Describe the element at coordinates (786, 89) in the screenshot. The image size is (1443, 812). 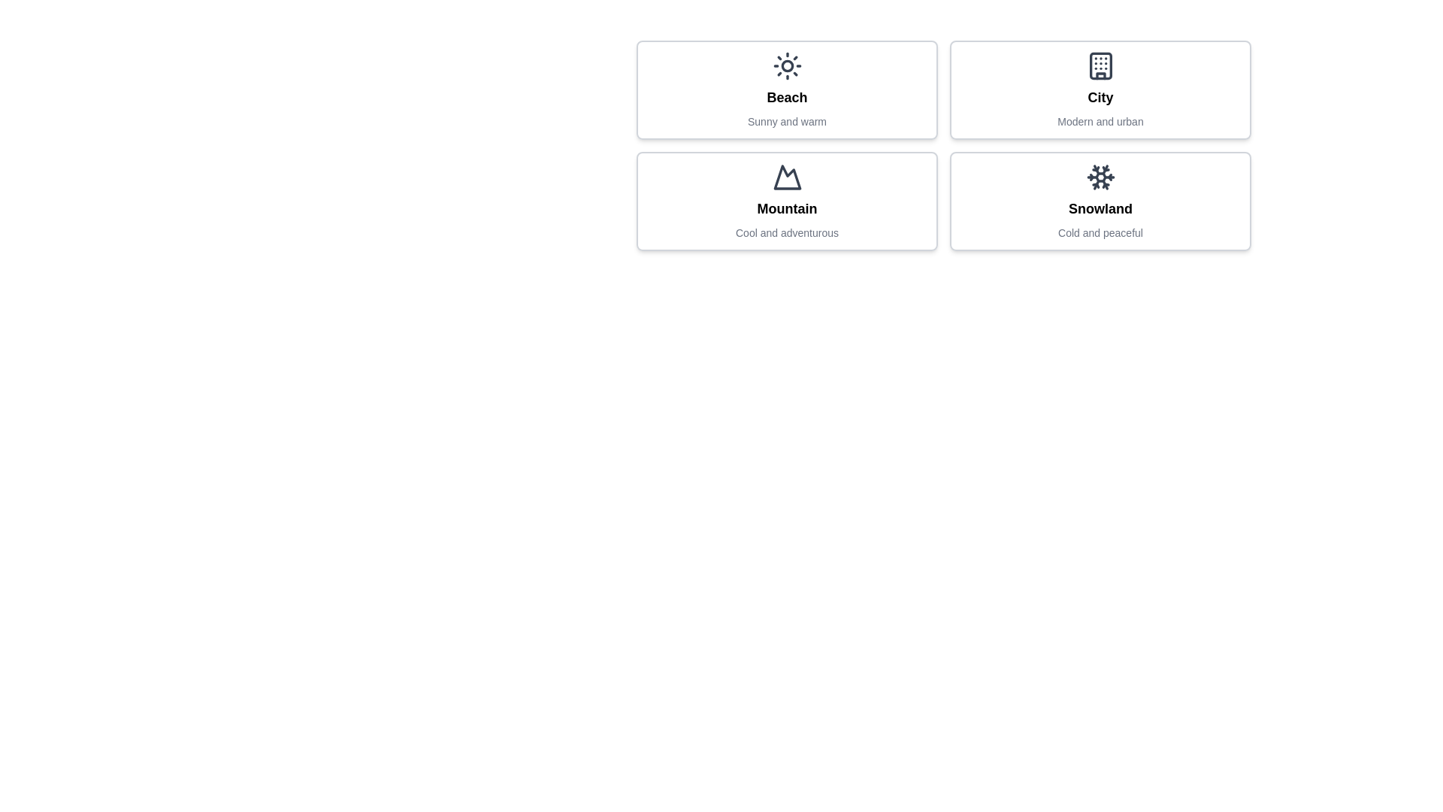
I see `the 'Beach' theme card, which is the first card in the top-left corner of the grid` at that location.